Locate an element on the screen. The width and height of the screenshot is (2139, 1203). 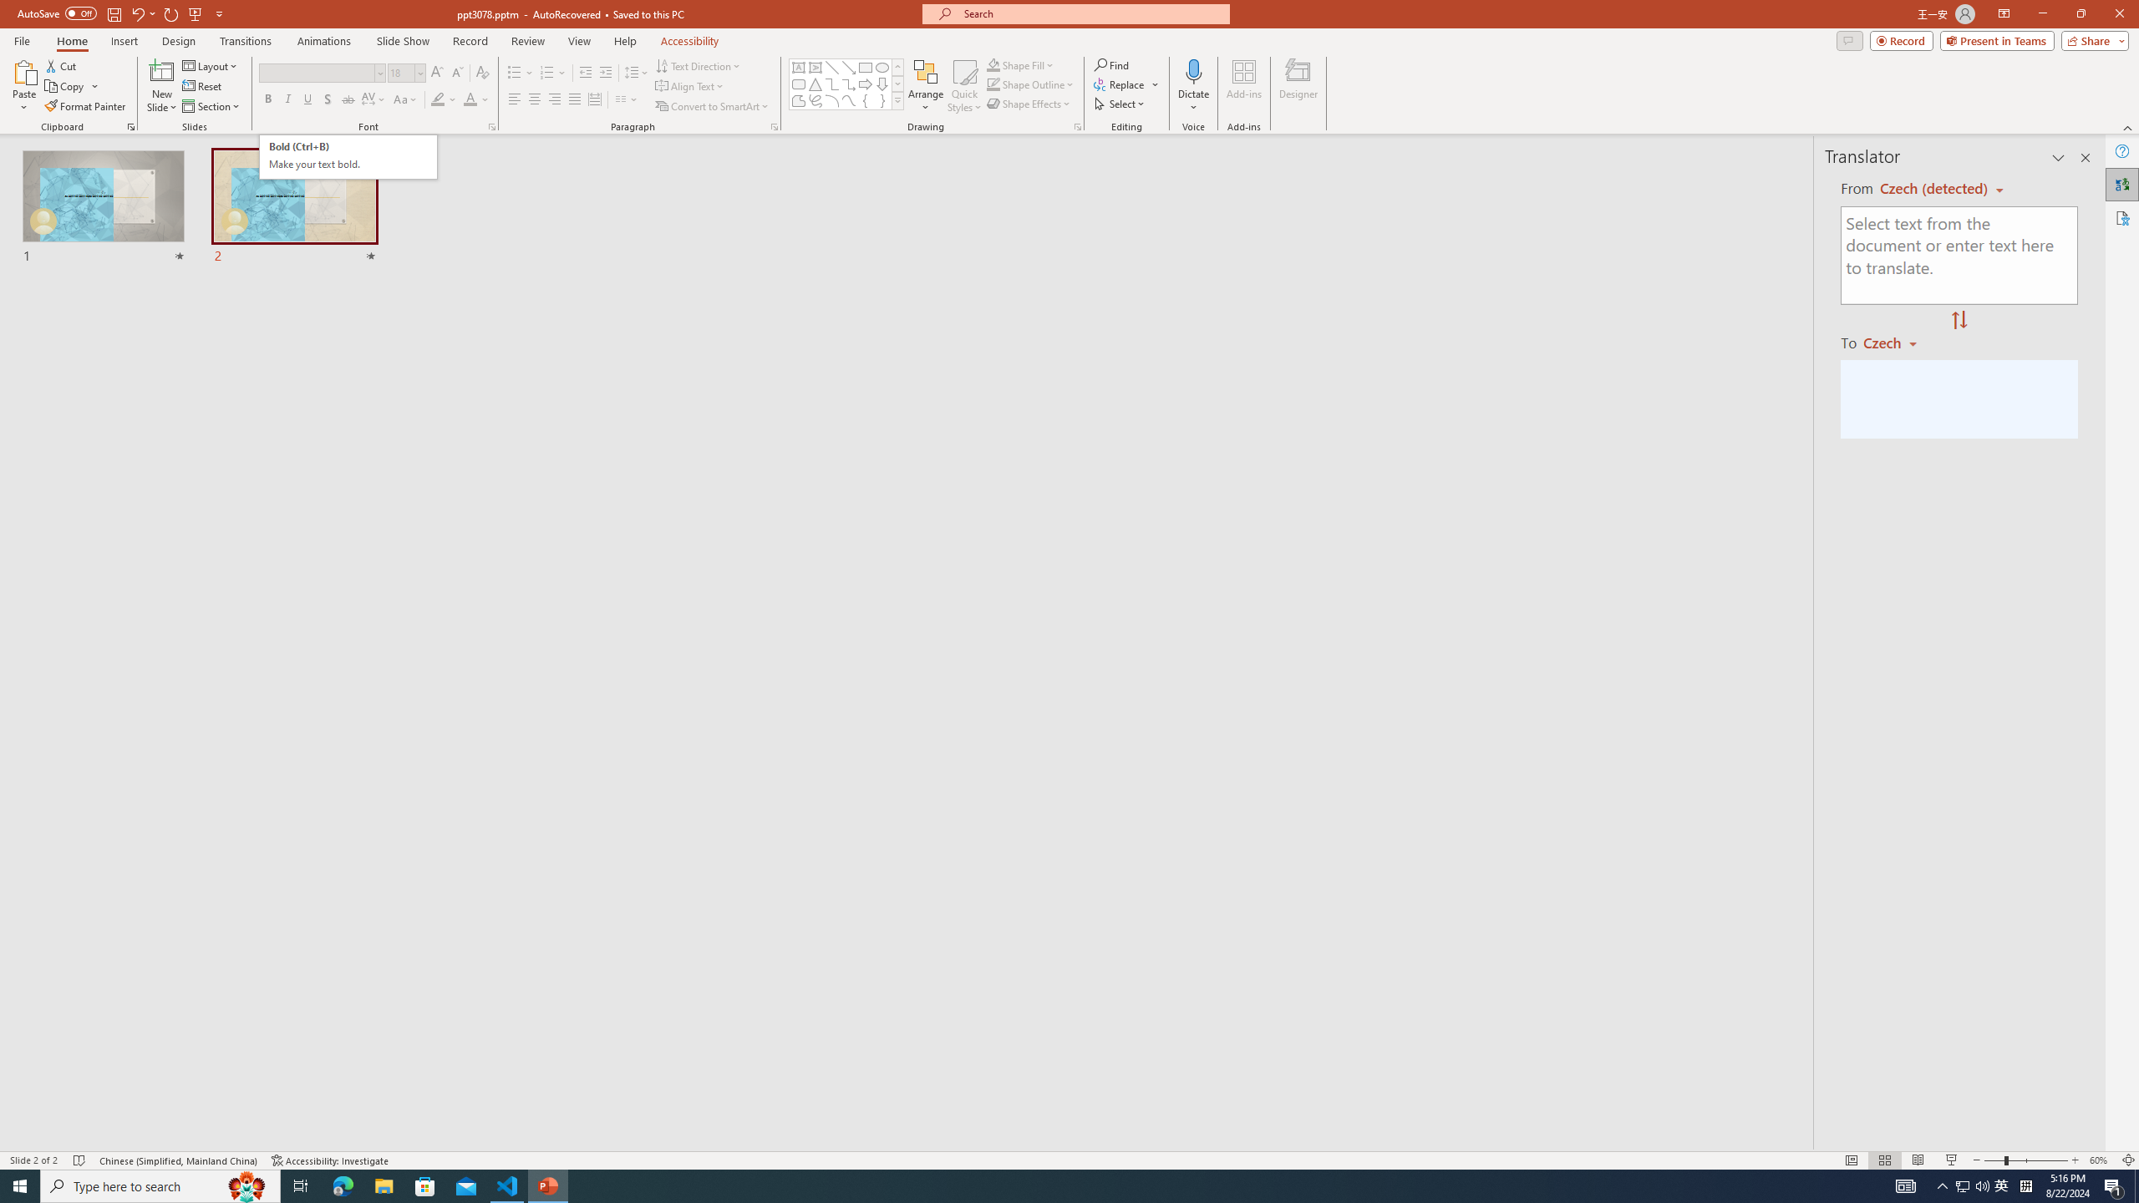
'Italic' is located at coordinates (287, 99).